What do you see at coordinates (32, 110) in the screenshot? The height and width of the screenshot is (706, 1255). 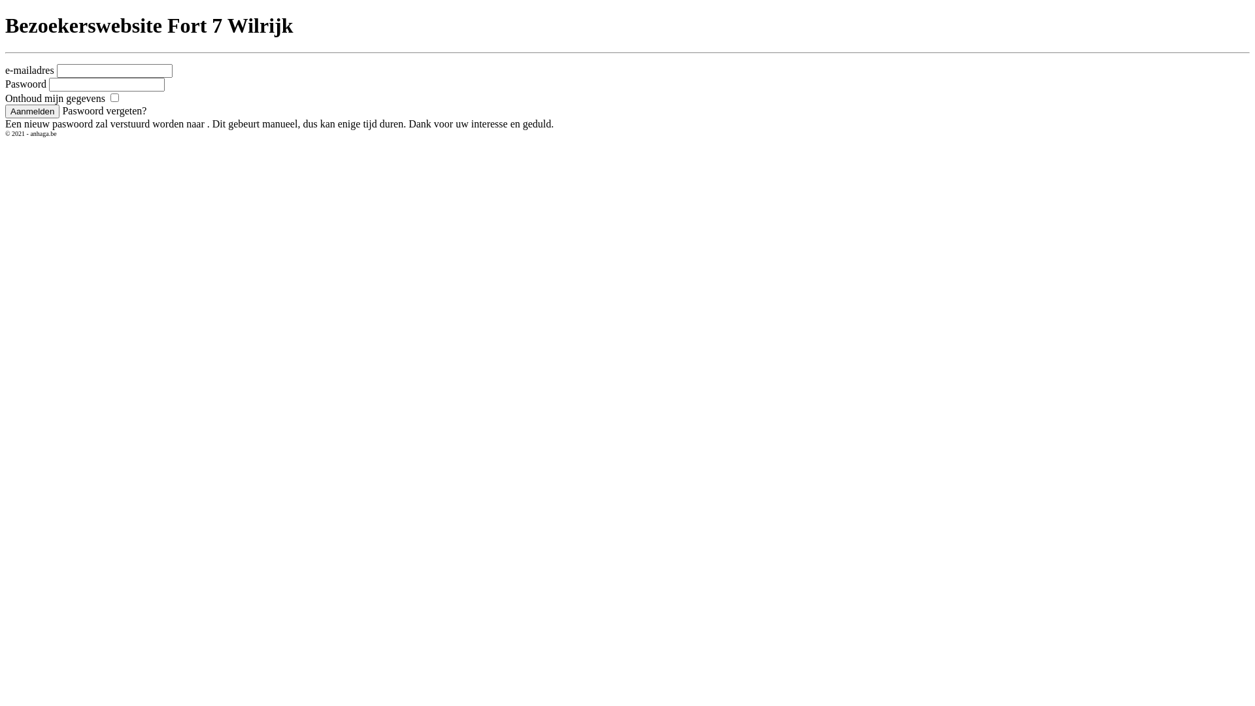 I see `'Aanmelden'` at bounding box center [32, 110].